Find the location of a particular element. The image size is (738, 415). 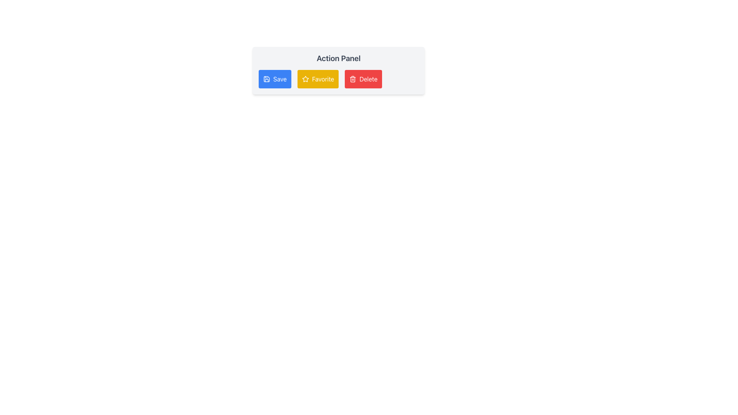

the 'Action Panel' label, which is a large, bold, gray text component located at the top of a card layout, above the buttons labeled 'Save', 'Favorite', and 'Delete' is located at coordinates (338, 58).